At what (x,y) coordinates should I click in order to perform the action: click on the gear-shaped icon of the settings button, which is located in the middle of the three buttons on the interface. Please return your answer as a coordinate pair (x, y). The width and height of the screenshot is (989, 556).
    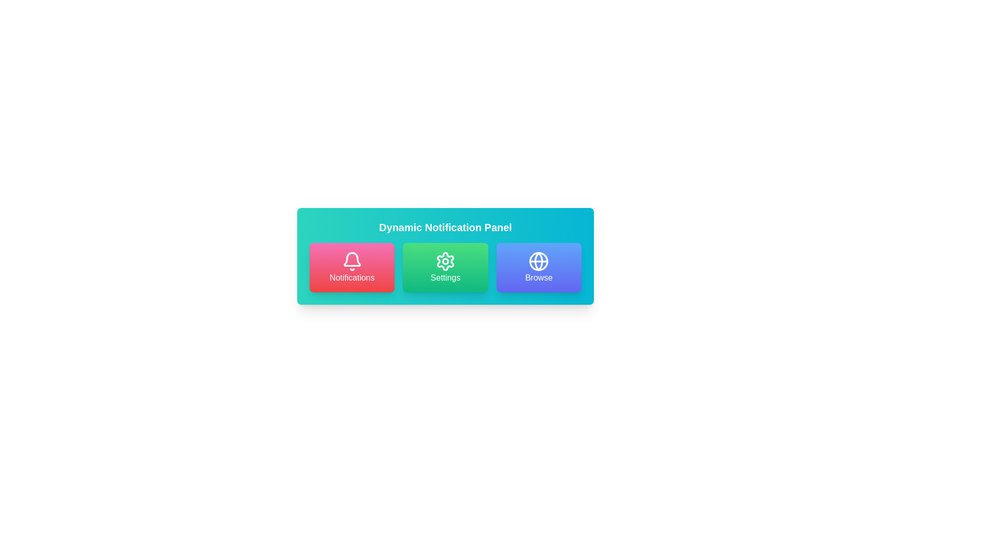
    Looking at the image, I should click on (445, 261).